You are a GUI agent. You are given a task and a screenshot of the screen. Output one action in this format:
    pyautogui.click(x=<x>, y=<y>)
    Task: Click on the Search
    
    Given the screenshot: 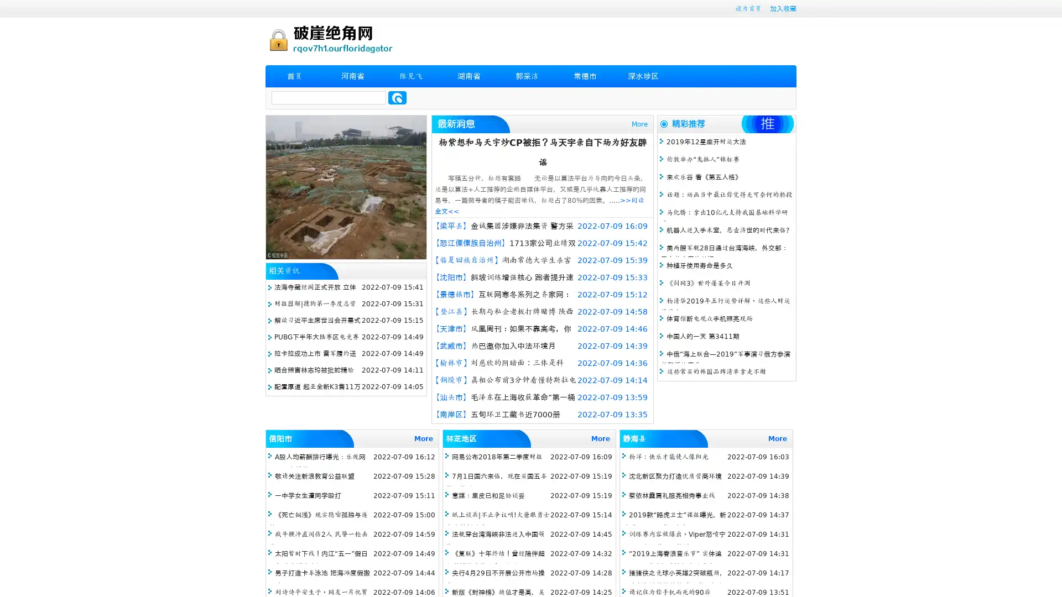 What is the action you would take?
    pyautogui.click(x=397, y=97)
    